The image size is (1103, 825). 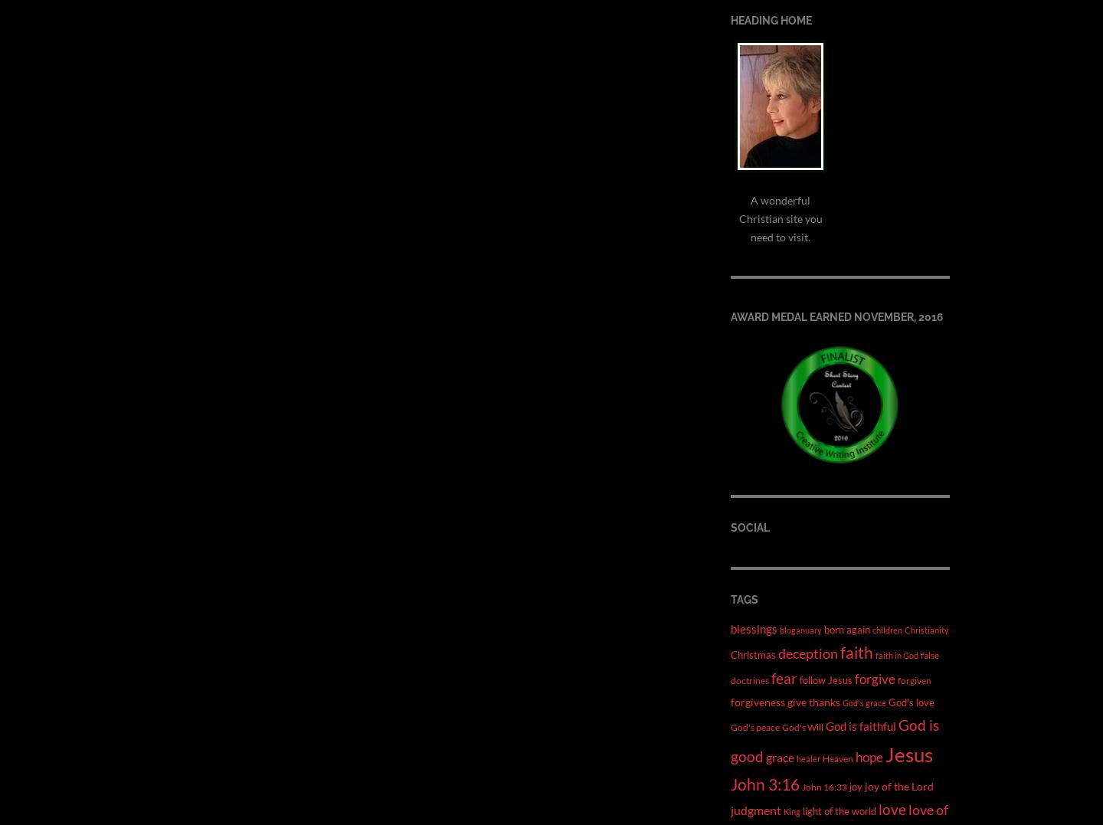 I want to click on 'God is faithful', so click(x=825, y=725).